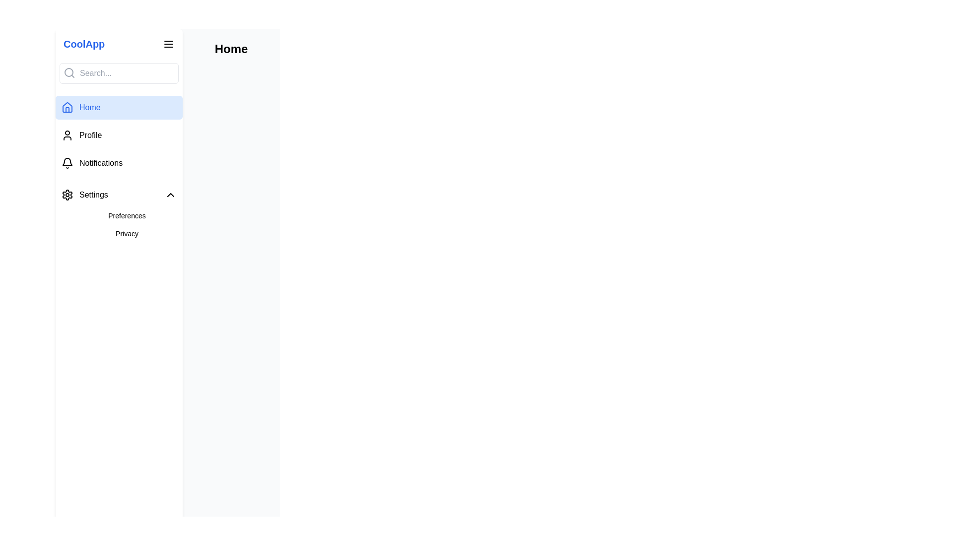  Describe the element at coordinates (119, 135) in the screenshot. I see `the third option in the navigation menu component located in the sidebar` at that location.